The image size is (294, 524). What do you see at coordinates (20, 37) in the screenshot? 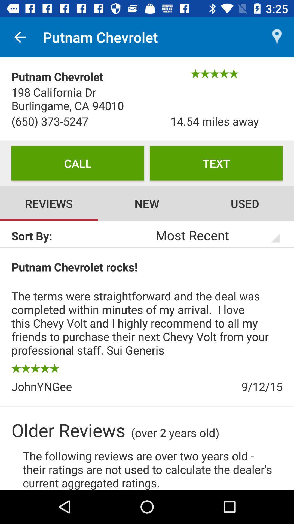
I see `the item to the left of the putnam chevrolet item` at bounding box center [20, 37].